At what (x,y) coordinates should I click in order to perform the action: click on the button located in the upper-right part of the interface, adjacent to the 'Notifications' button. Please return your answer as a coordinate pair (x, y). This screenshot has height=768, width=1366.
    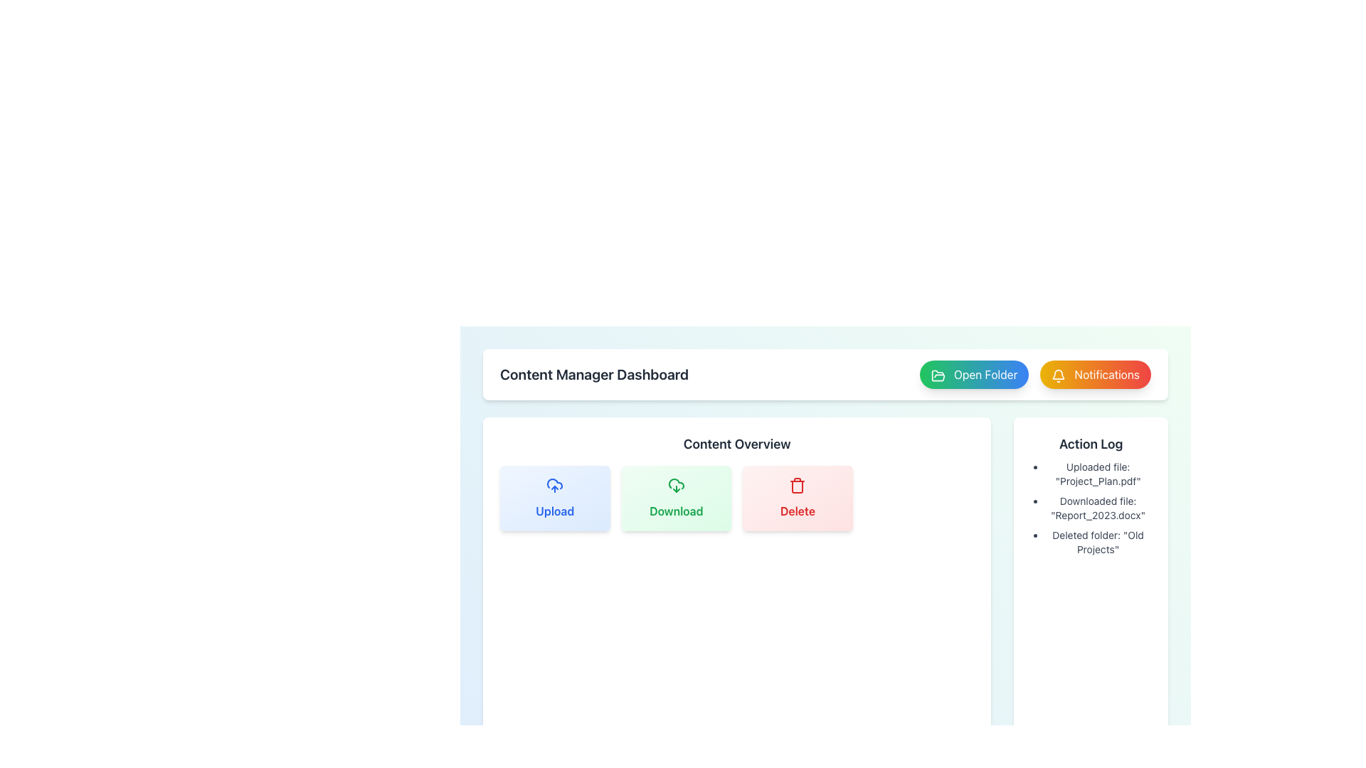
    Looking at the image, I should click on (973, 374).